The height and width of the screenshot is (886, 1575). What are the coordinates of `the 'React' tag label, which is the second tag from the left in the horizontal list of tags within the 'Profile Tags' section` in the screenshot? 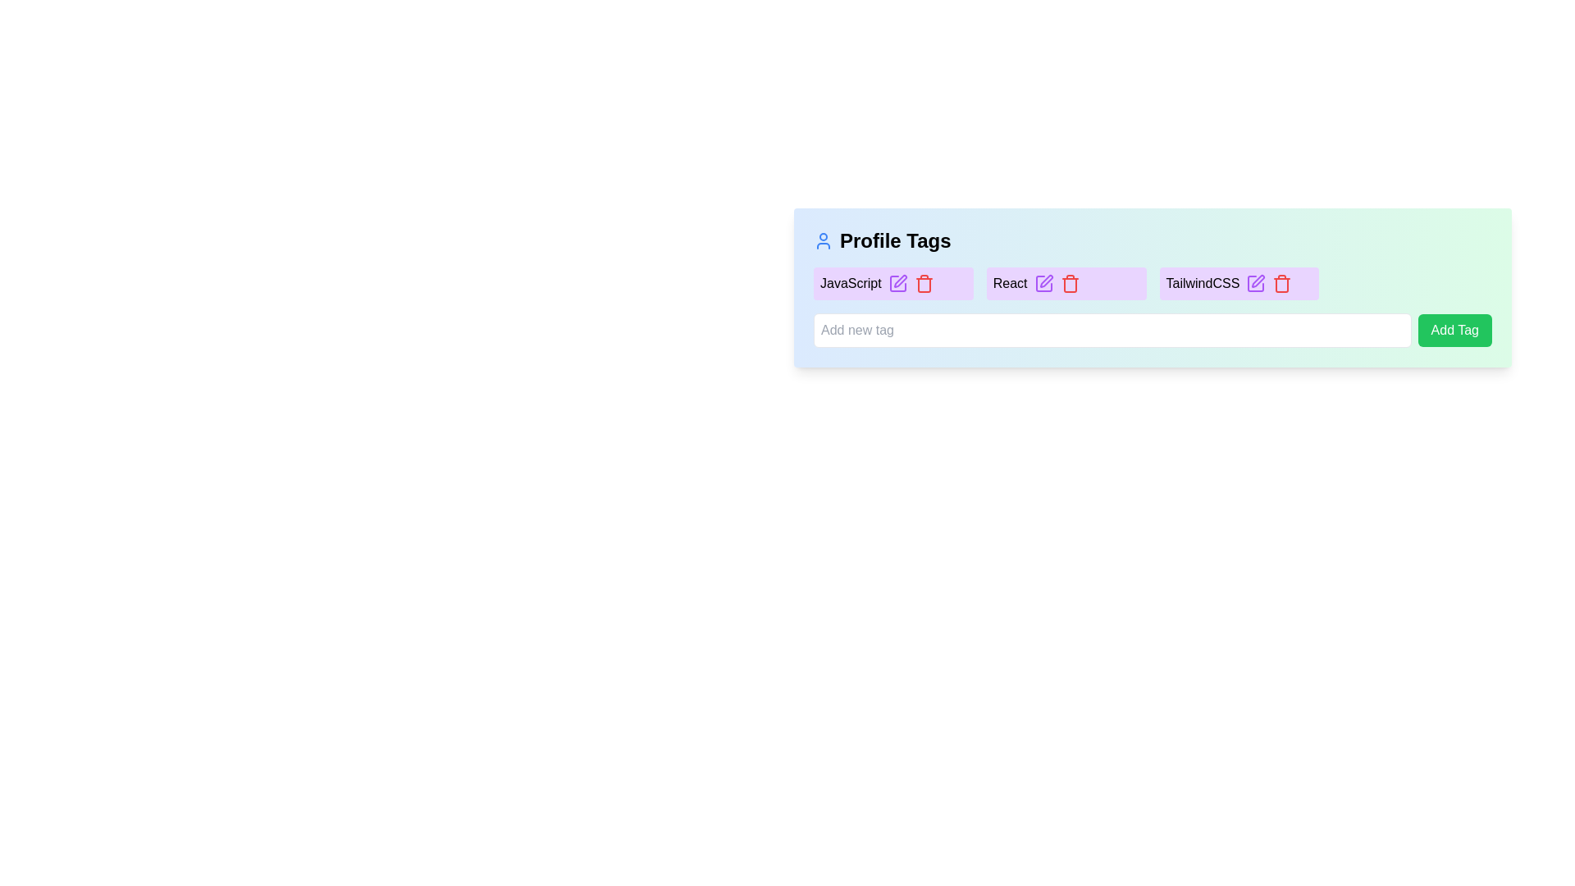 It's located at (1009, 283).